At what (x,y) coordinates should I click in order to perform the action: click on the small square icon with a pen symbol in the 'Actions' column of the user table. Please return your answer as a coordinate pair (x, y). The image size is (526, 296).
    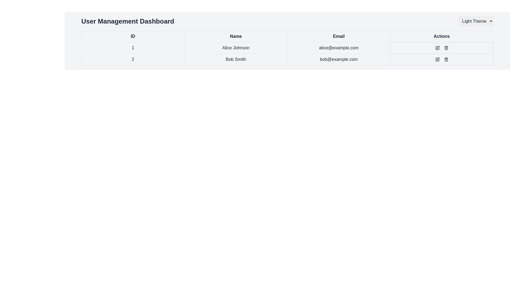
    Looking at the image, I should click on (437, 59).